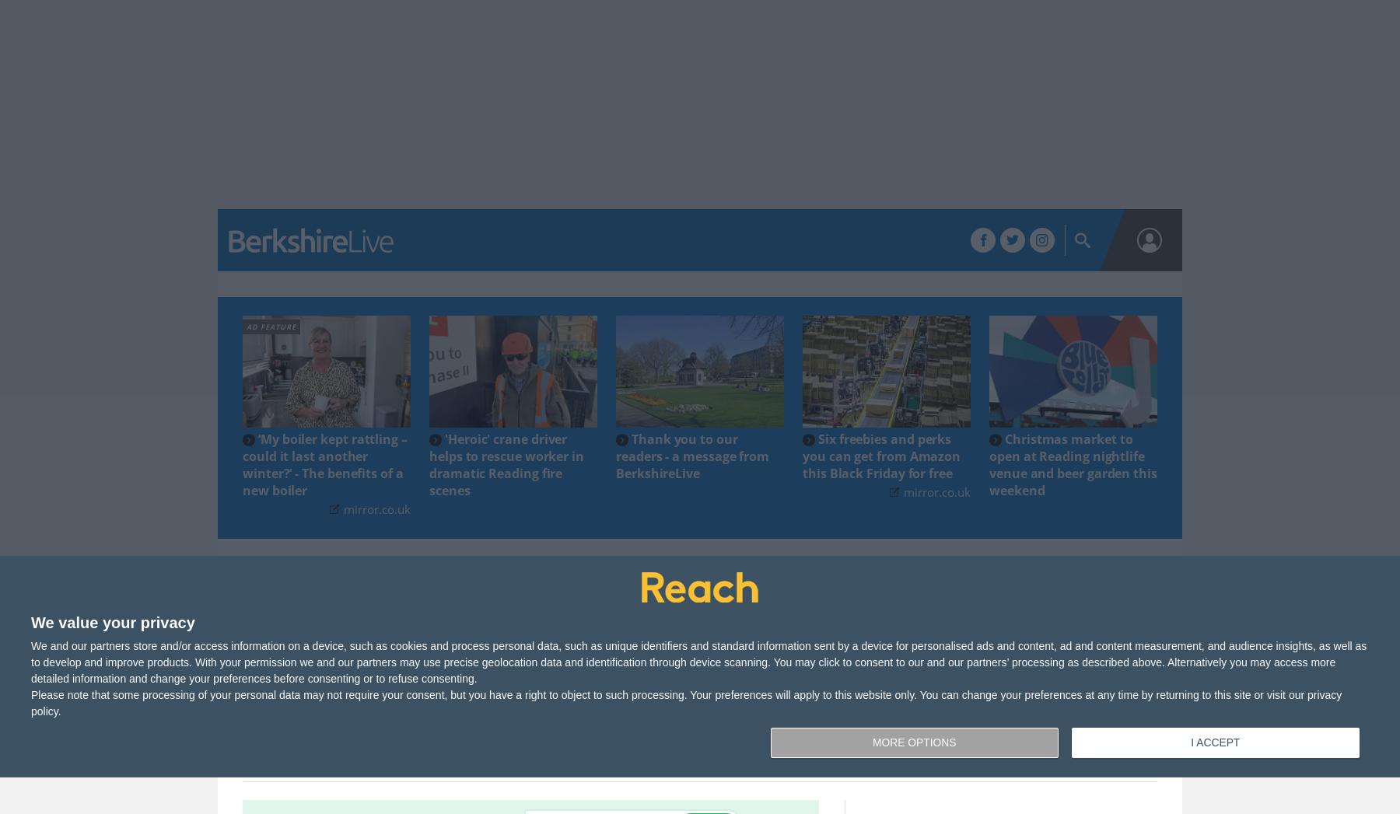 The width and height of the screenshot is (1400, 814). Describe the element at coordinates (692, 455) in the screenshot. I see `'Thank you to our readers - a message from BerkshireLive'` at that location.